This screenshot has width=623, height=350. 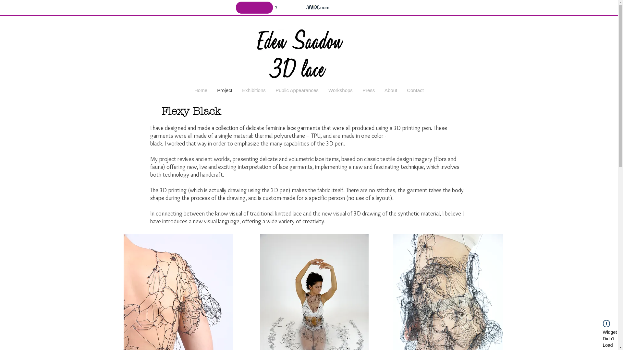 What do you see at coordinates (415, 90) in the screenshot?
I see `'Contact'` at bounding box center [415, 90].